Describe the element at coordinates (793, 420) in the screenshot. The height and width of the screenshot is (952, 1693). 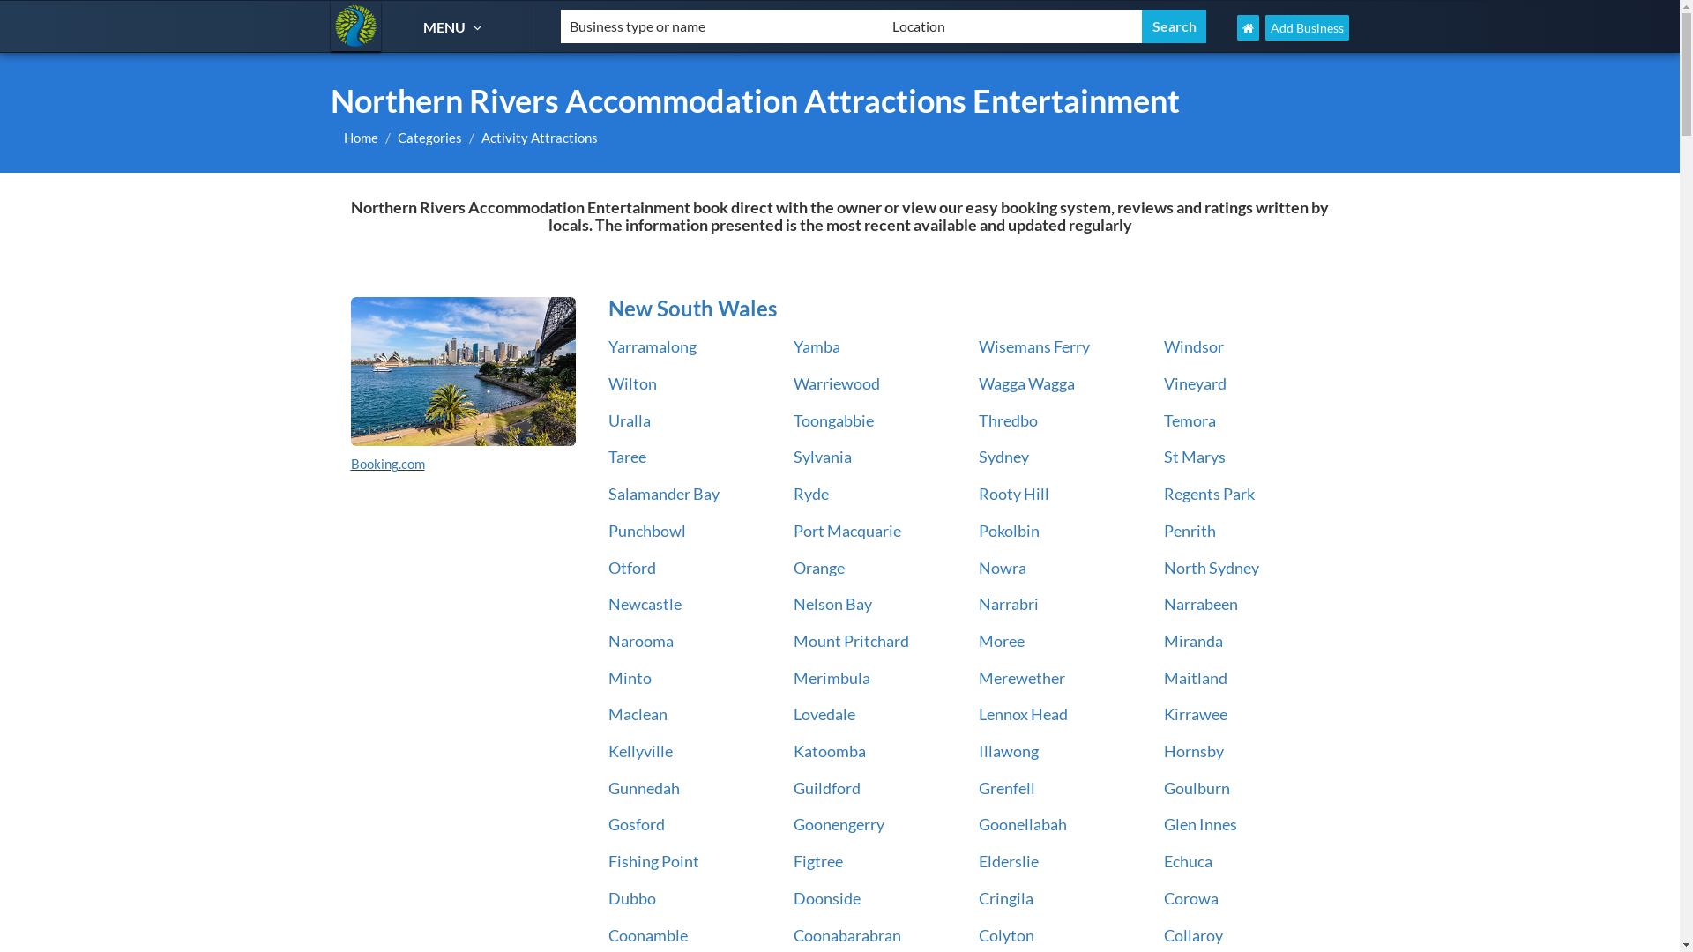
I see `'Toongabbie'` at that location.